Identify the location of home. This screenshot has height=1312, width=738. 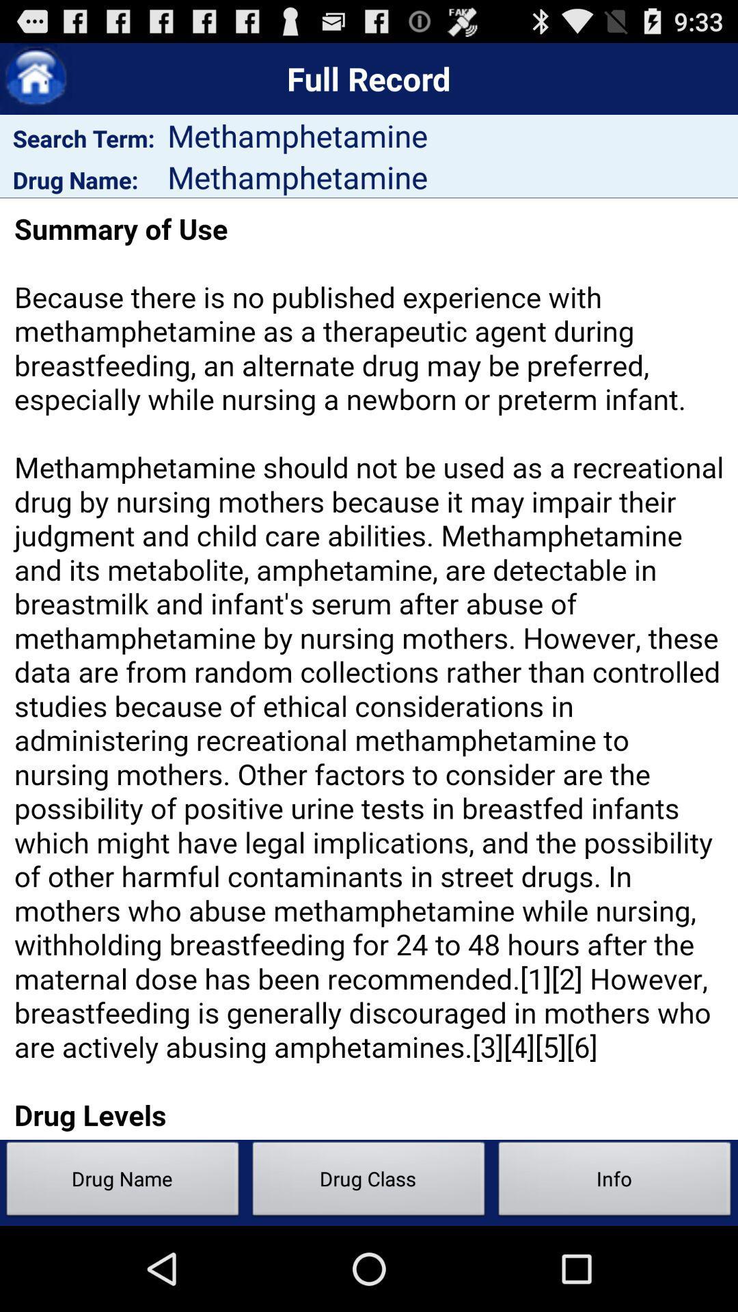
(35, 78).